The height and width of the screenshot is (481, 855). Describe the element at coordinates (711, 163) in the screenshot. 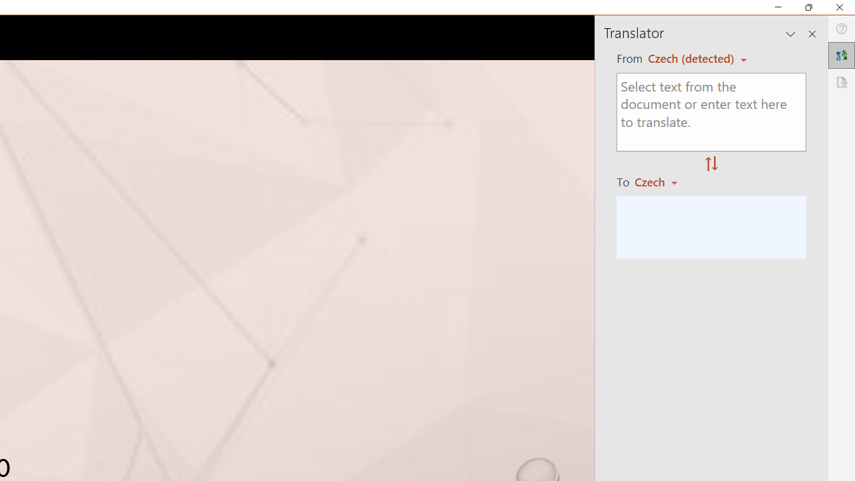

I see `'Swap "from" and "to" languages.'` at that location.